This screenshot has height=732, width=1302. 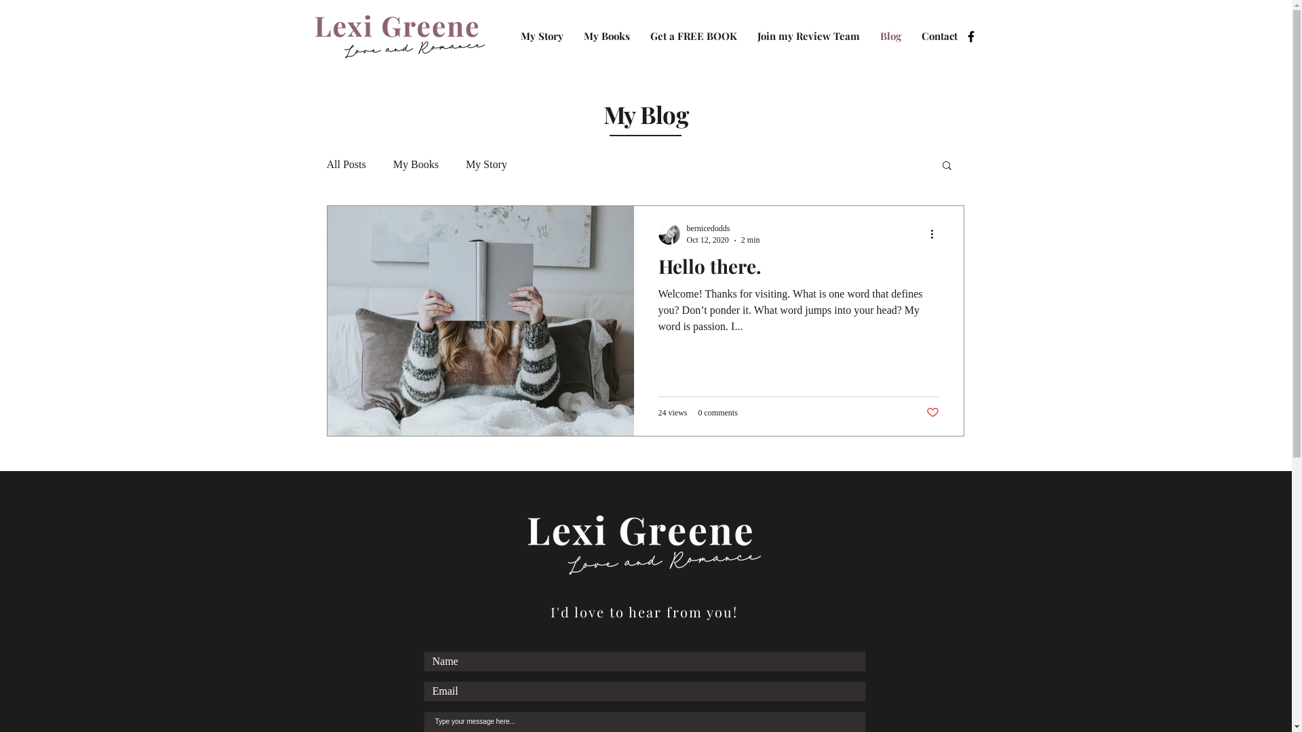 I want to click on 'My Books', so click(x=415, y=164).